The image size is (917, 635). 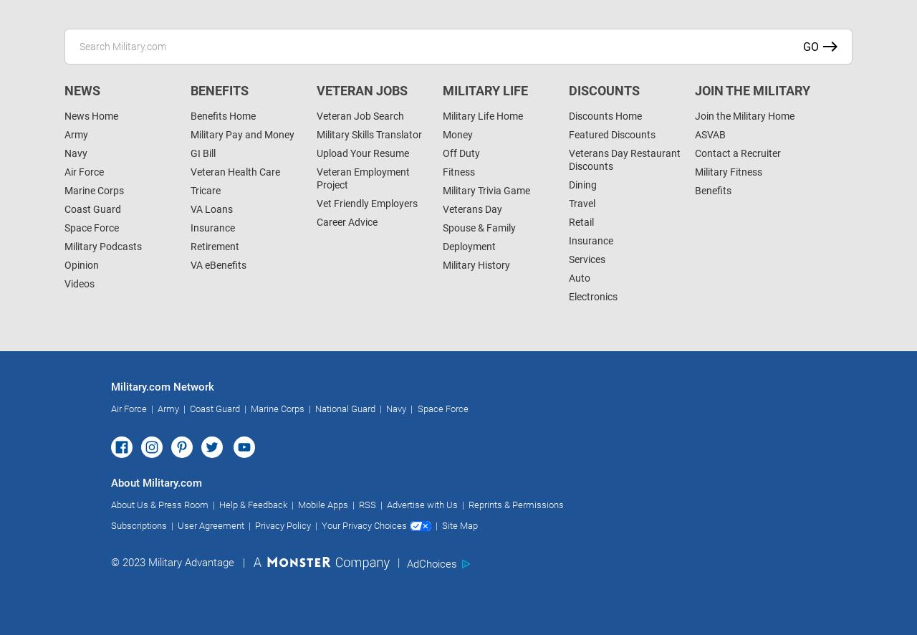 I want to click on 'Help & Feedback', so click(x=253, y=504).